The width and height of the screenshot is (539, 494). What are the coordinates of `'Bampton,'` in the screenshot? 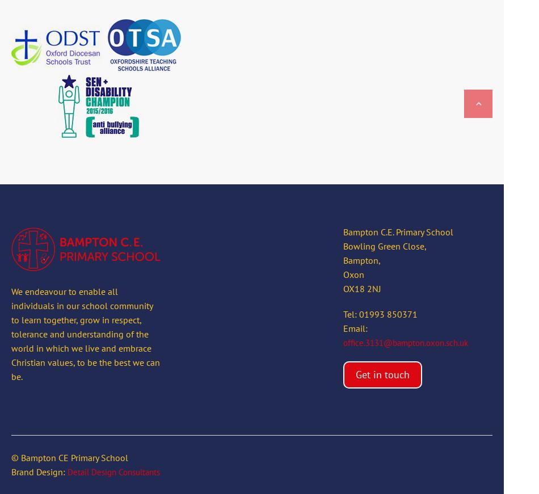 It's located at (343, 260).